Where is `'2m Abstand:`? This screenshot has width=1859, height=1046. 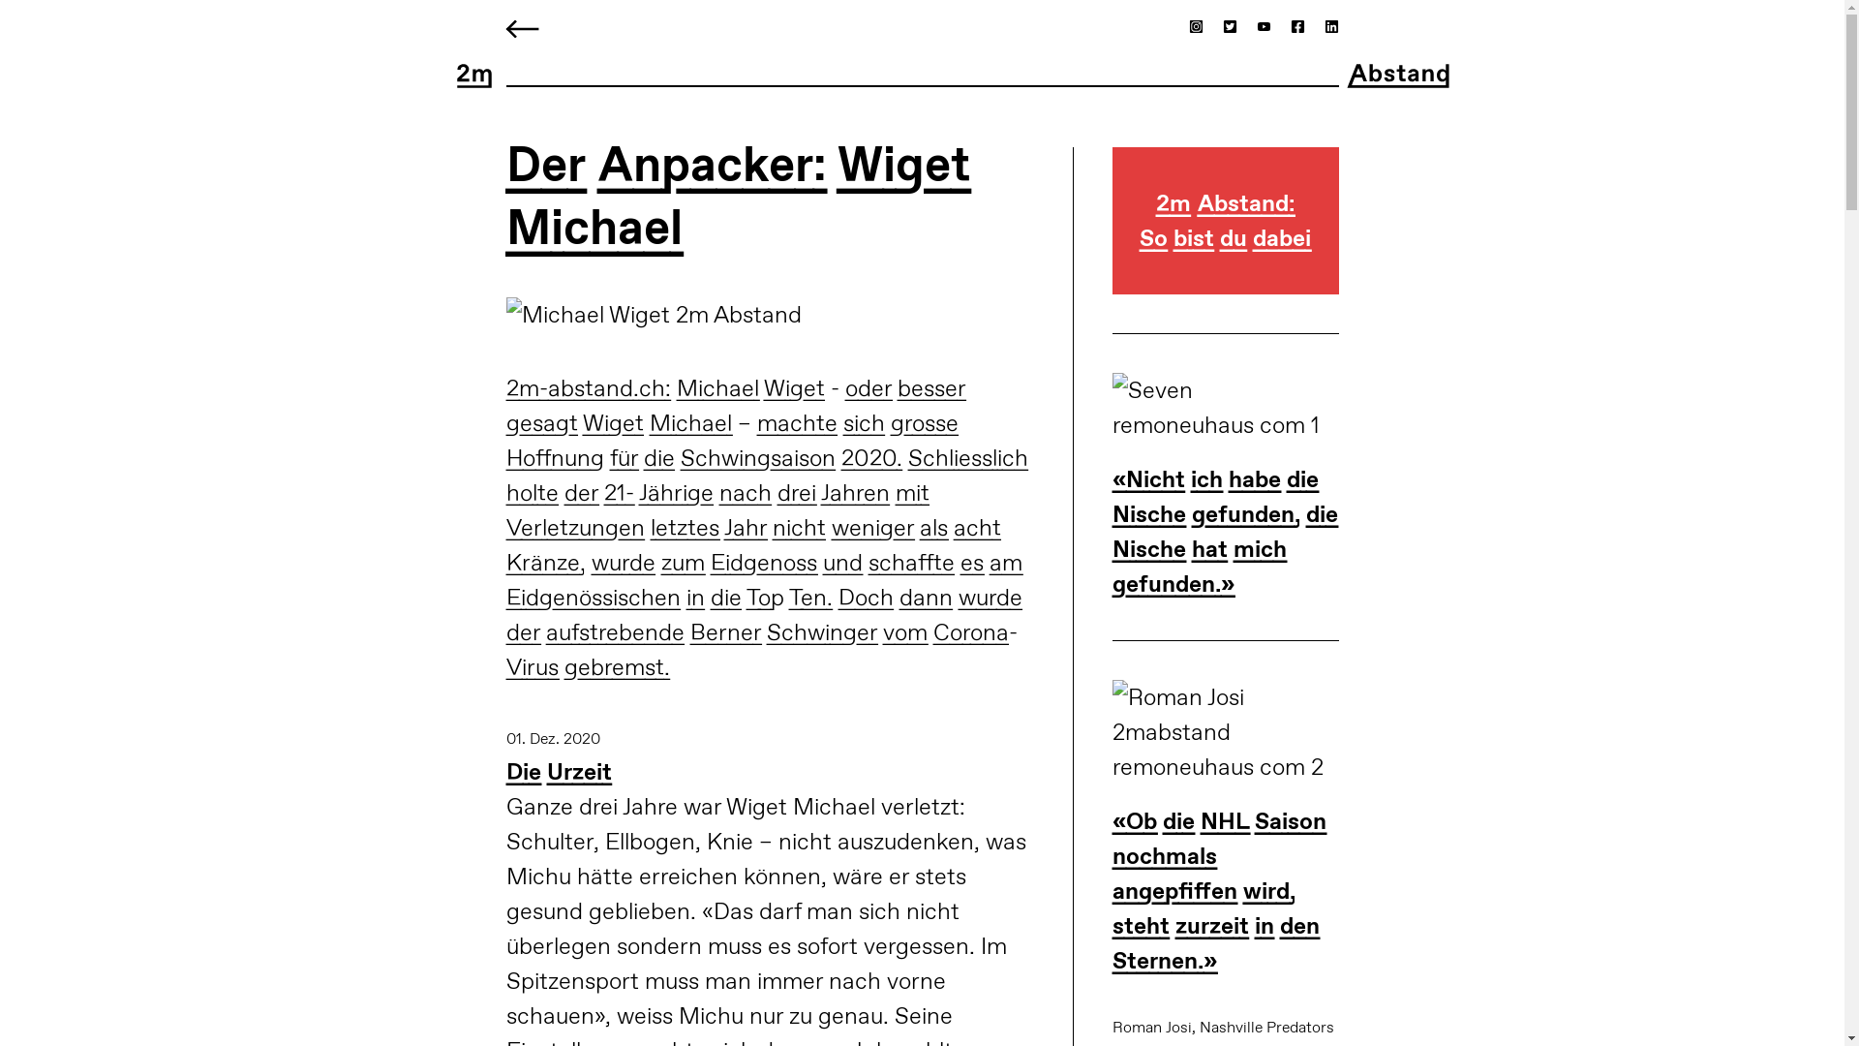
'2m Abstand: is located at coordinates (1112, 239).